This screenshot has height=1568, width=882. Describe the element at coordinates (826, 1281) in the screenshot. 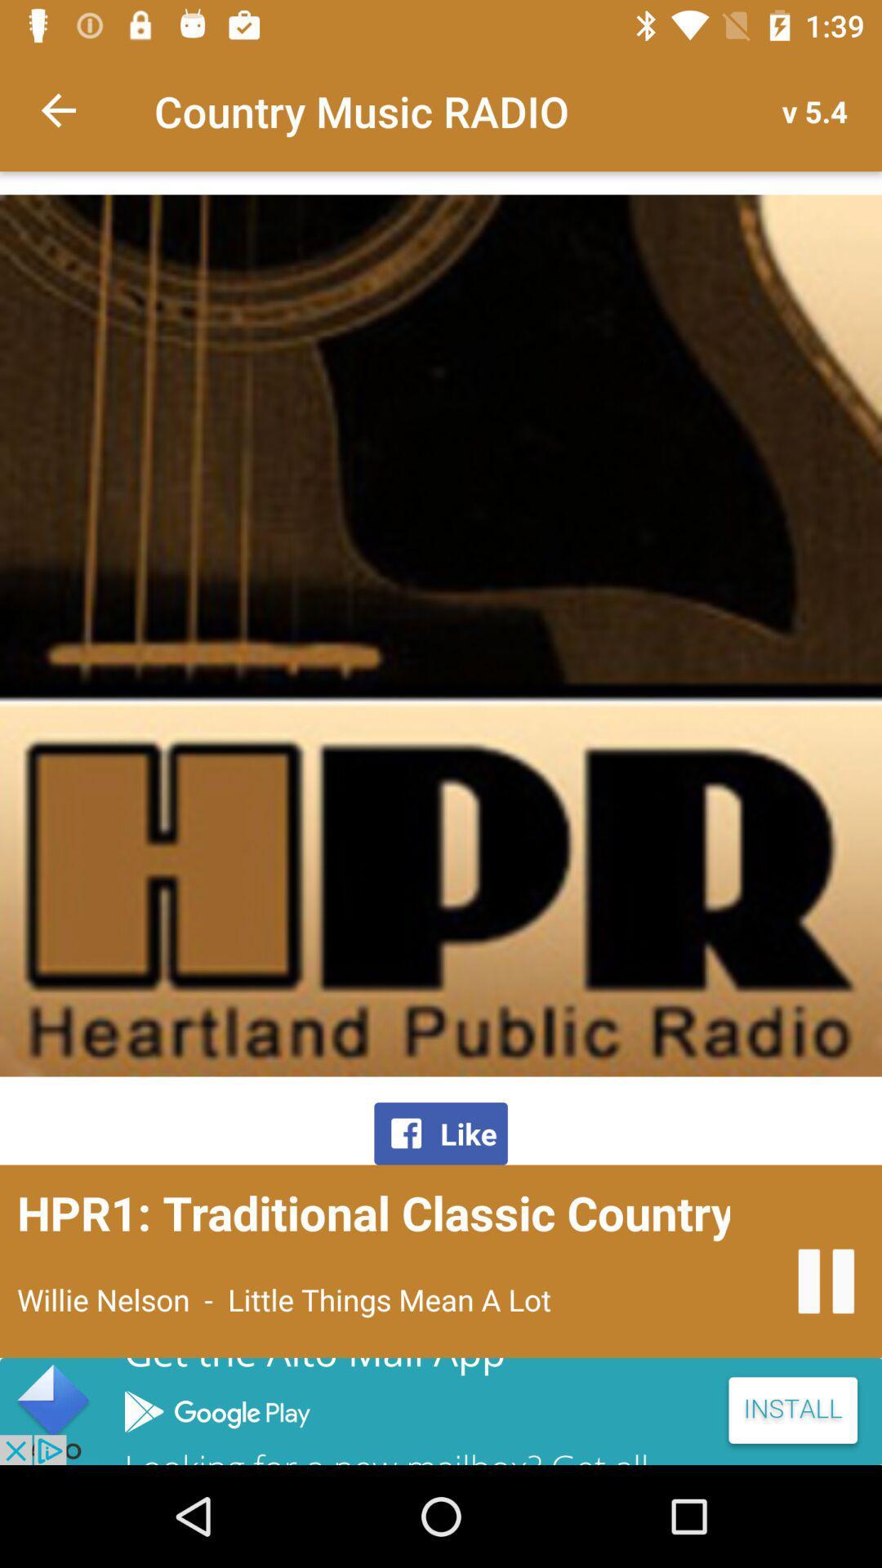

I see `stop the radio` at that location.